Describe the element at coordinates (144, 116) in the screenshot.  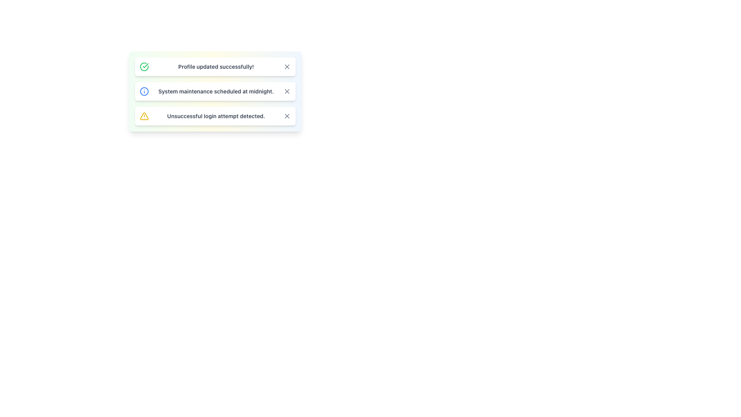
I see `the triangular warning icon with a yellow border and an exclamation symbol, which indicates an unsuccessful login attempt adjacent to the notification text` at that location.